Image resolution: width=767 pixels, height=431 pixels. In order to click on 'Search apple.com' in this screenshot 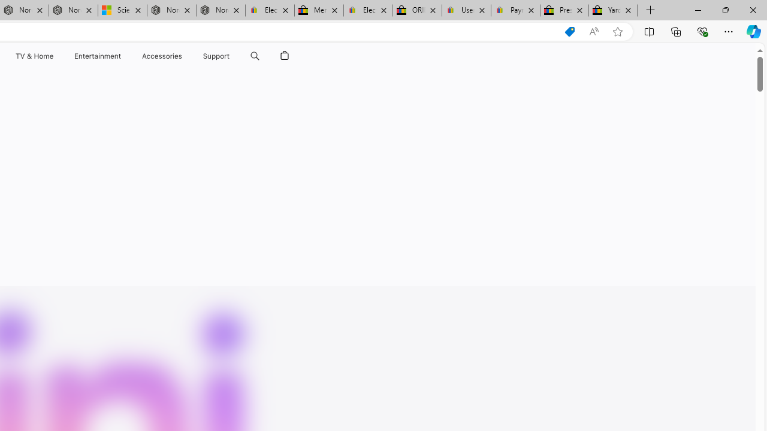, I will do `click(254, 56)`.